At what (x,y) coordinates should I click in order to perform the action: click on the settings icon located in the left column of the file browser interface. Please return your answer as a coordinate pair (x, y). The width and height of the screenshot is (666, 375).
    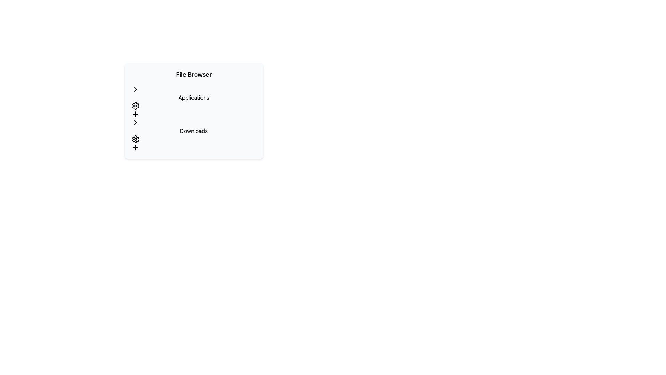
    Looking at the image, I should click on (135, 139).